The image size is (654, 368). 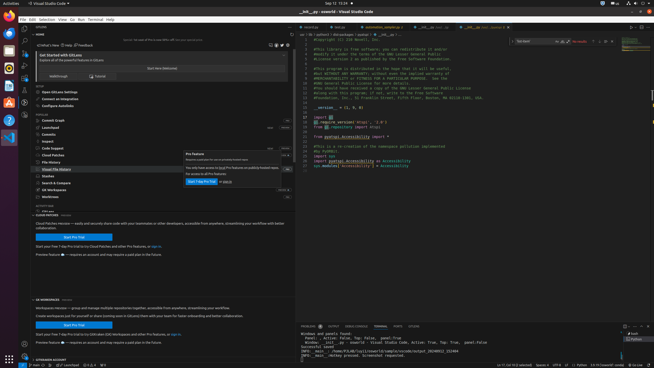 What do you see at coordinates (161, 99) in the screenshot?
I see `'Connect an Integration on GitKraken.dev'` at bounding box center [161, 99].